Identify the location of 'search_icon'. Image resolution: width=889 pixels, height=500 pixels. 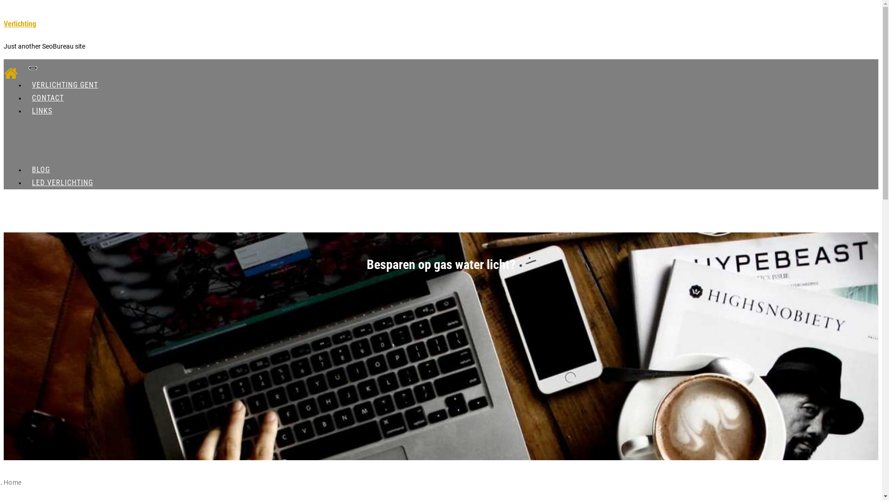
(549, 217).